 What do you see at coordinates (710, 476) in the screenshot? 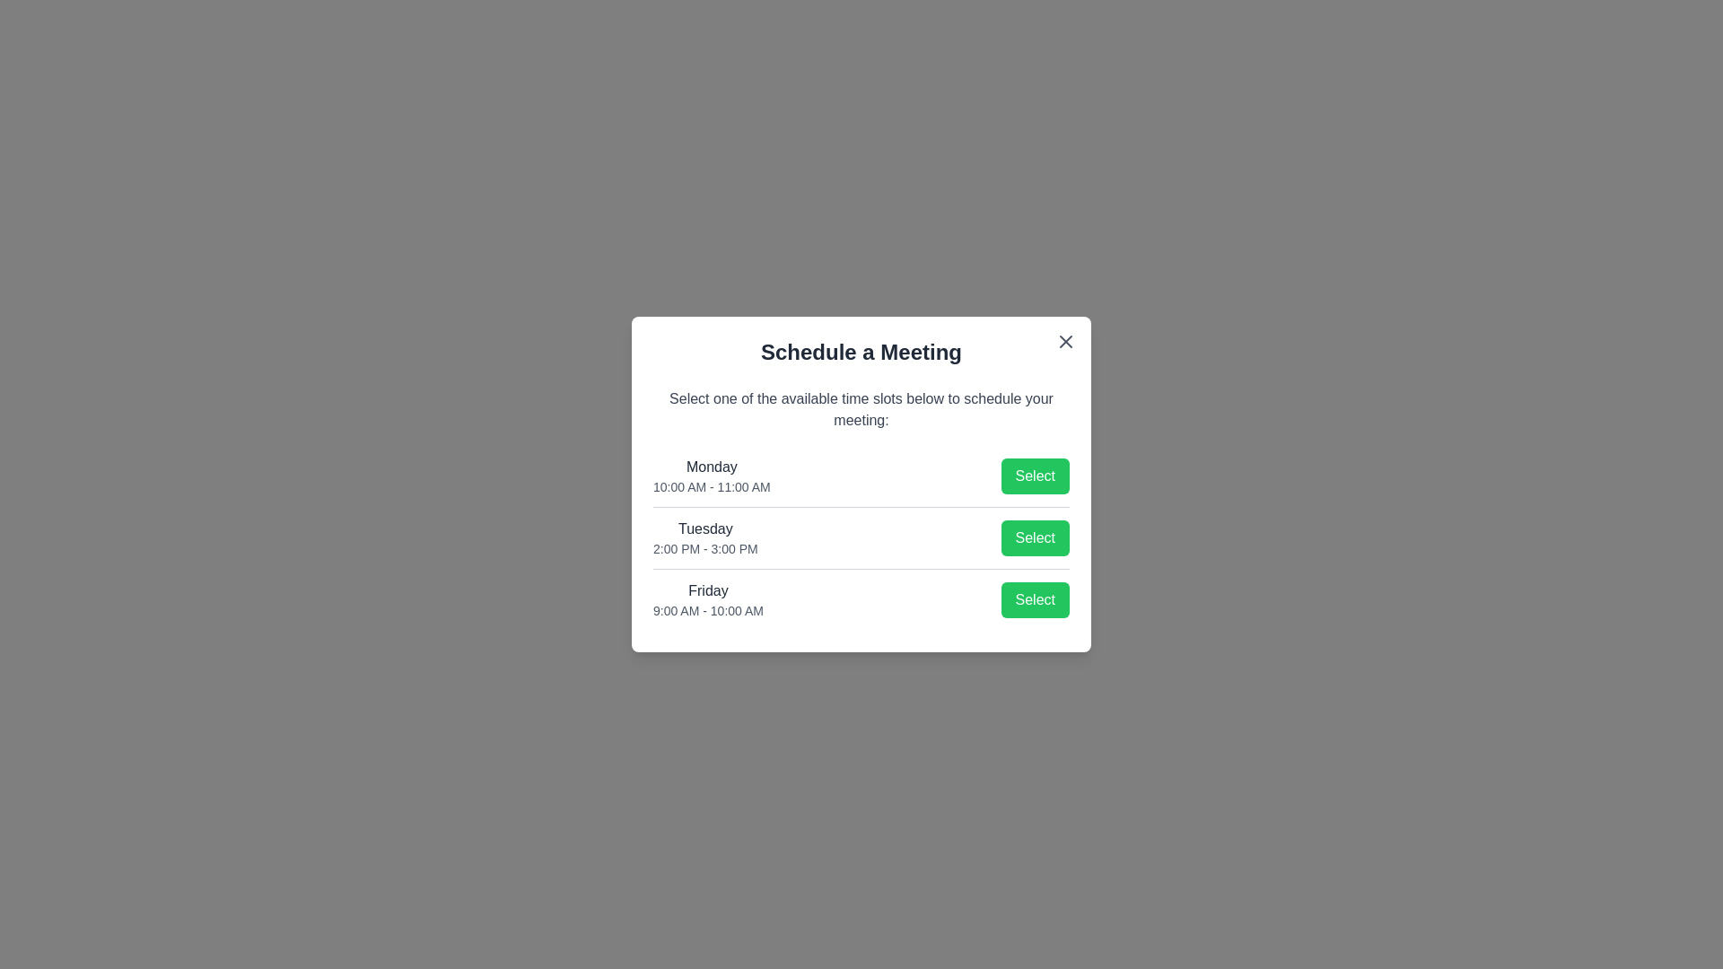
I see `the available time slots for the user to inspect` at bounding box center [710, 476].